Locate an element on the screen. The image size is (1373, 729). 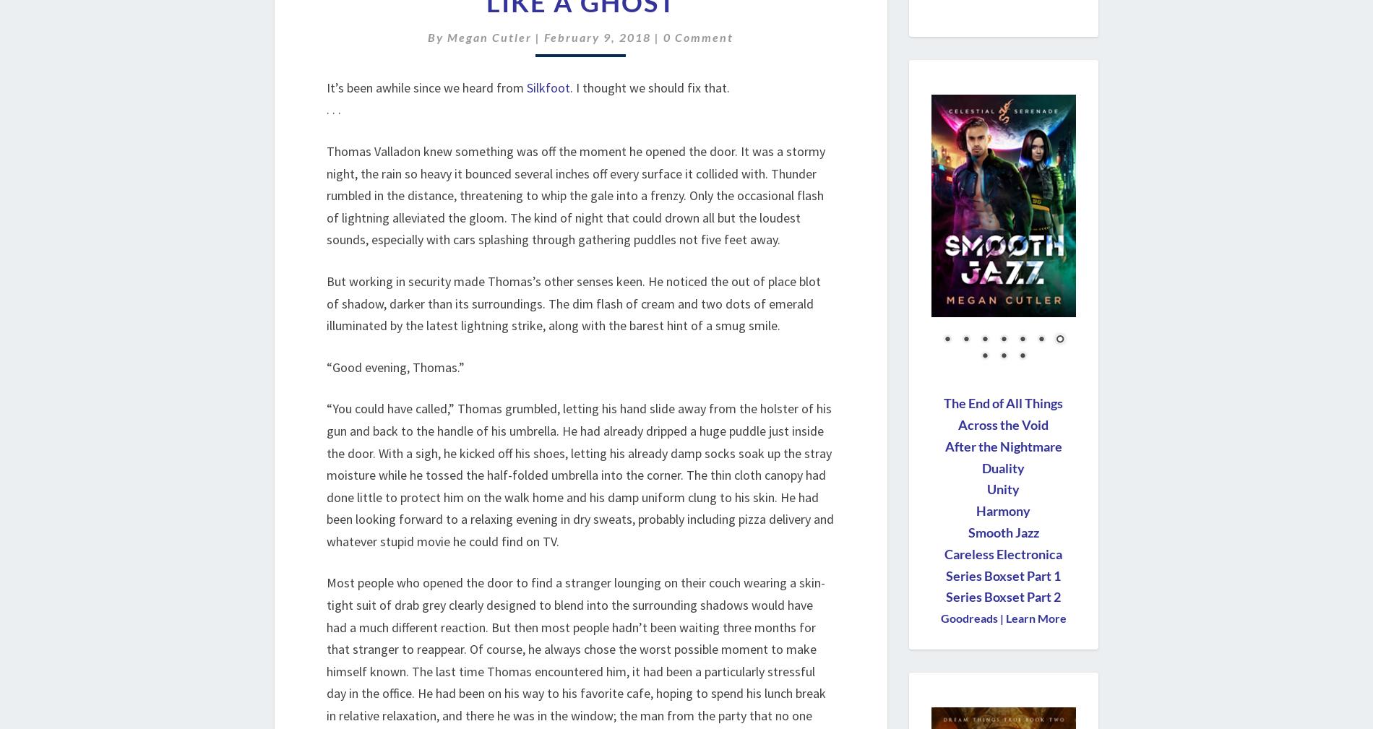
'Smooth Jazz' is located at coordinates (1002, 531).